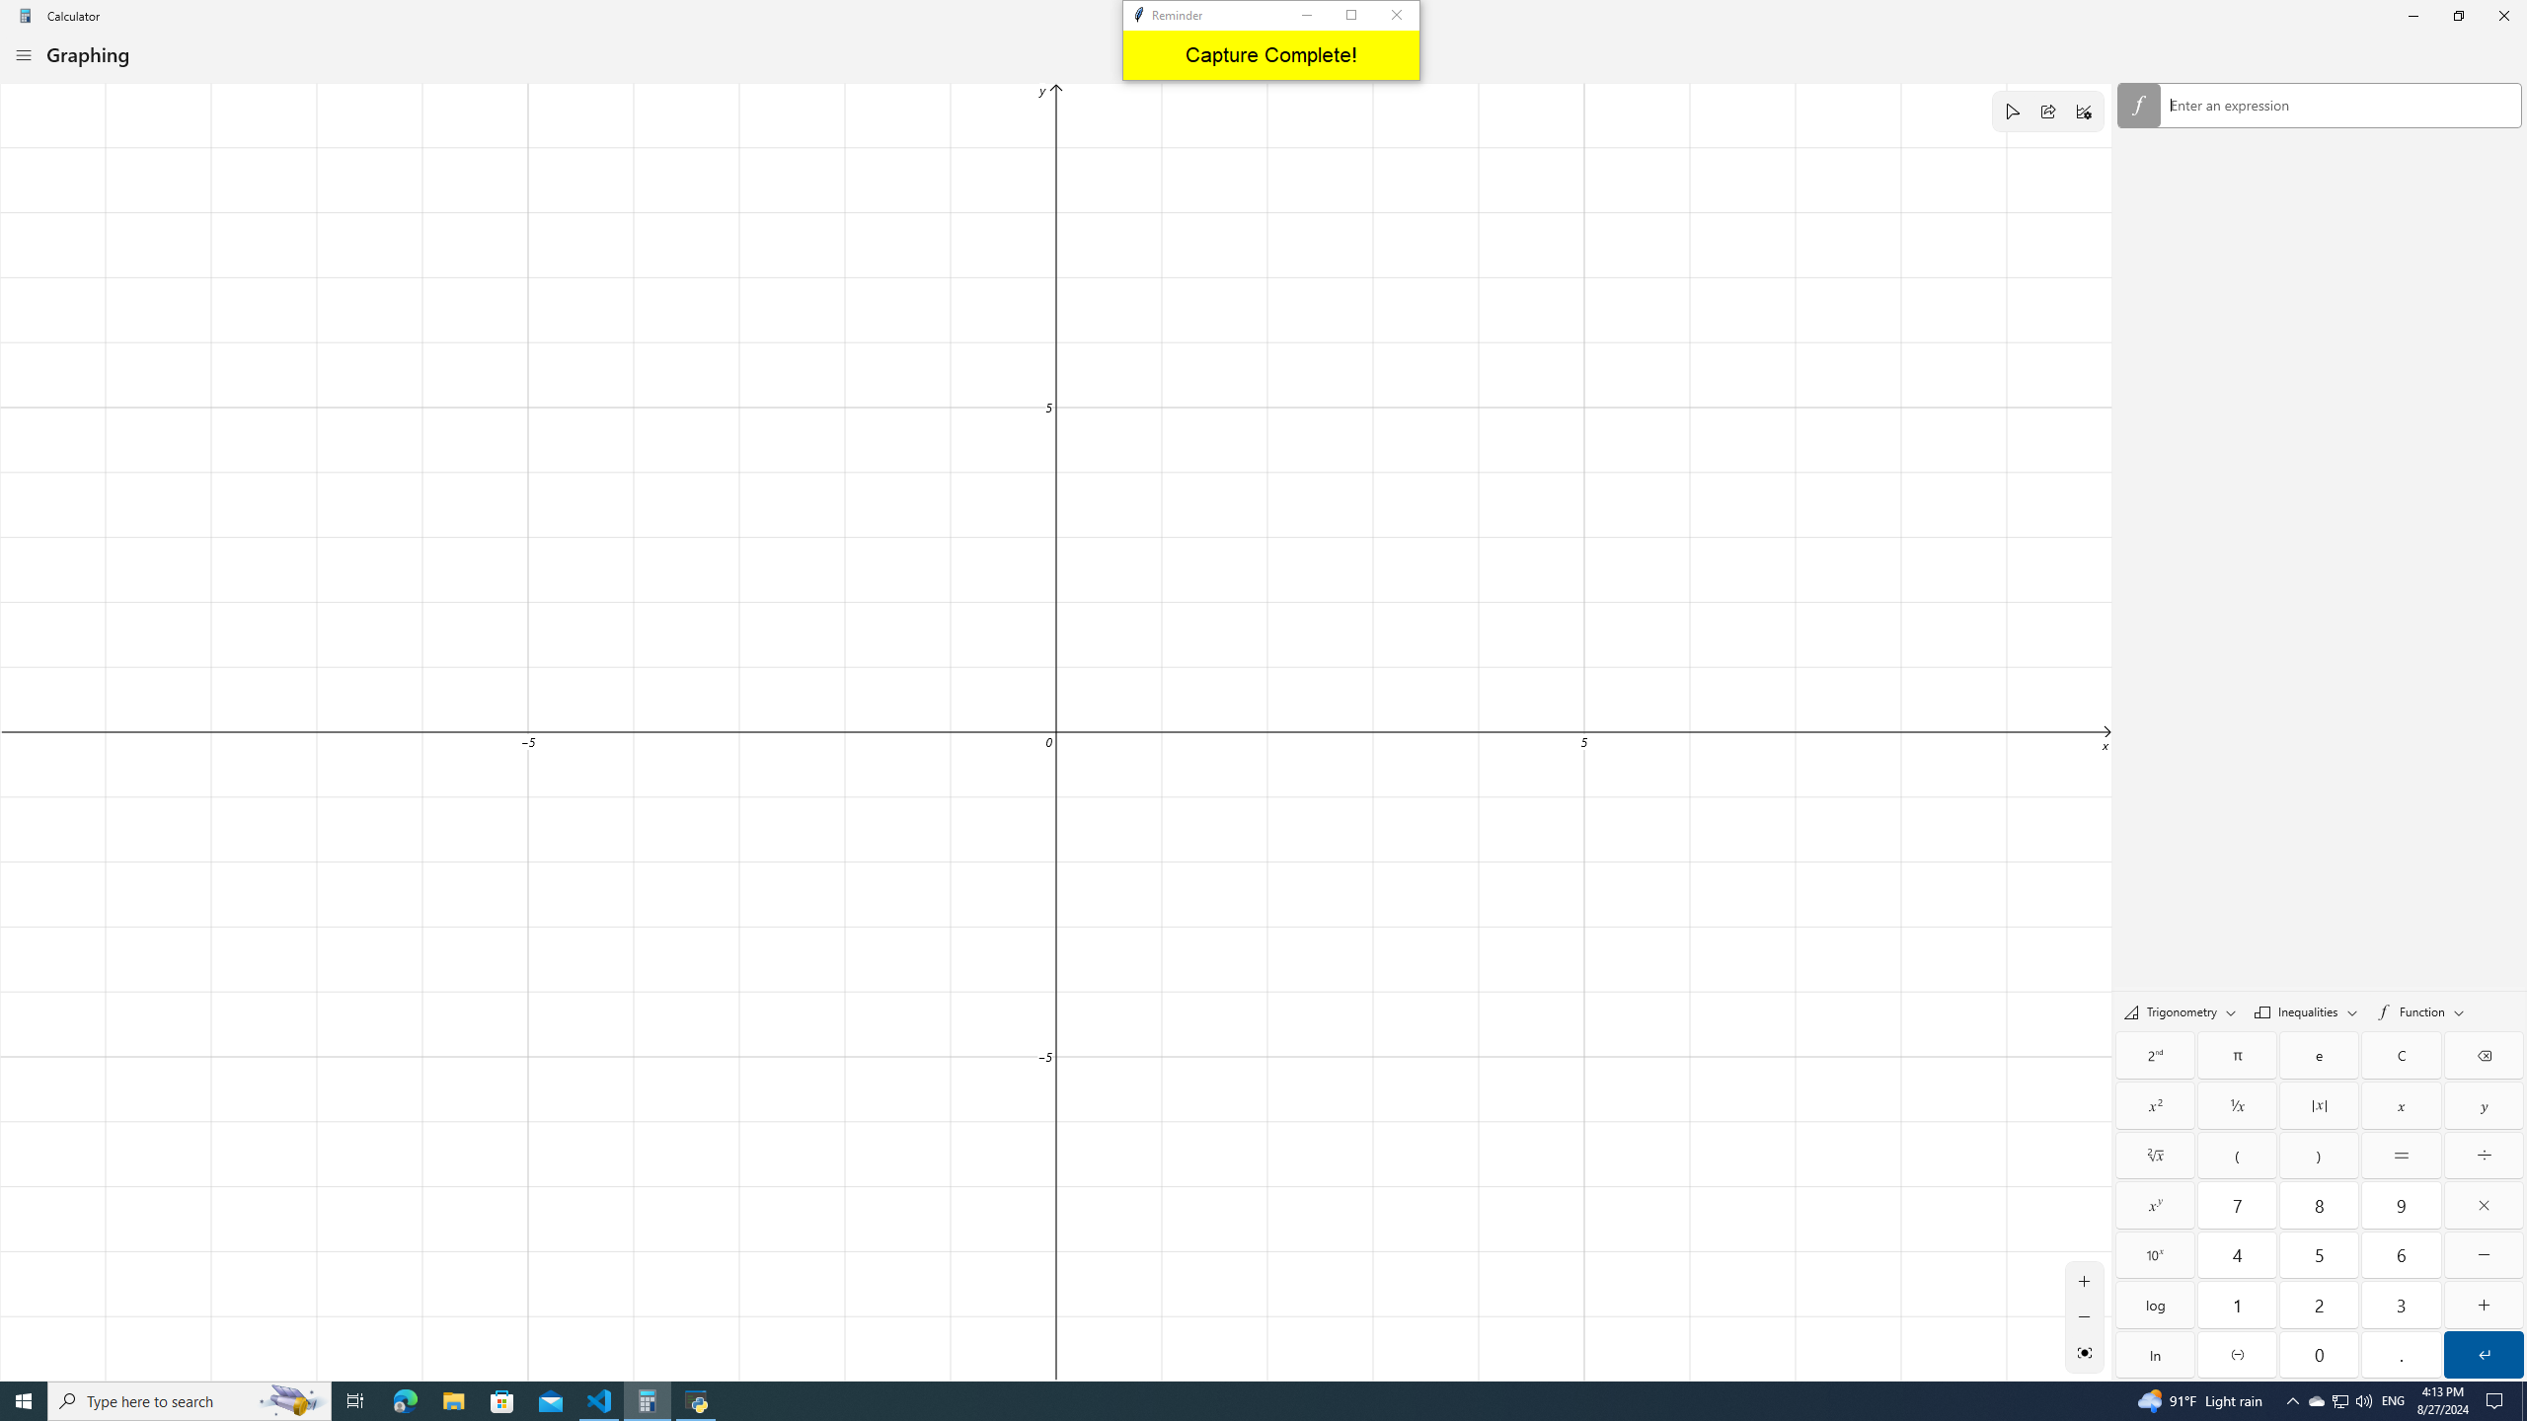 The width and height of the screenshot is (2527, 1421). I want to click on 'Decimal separator', so click(2400, 1354).